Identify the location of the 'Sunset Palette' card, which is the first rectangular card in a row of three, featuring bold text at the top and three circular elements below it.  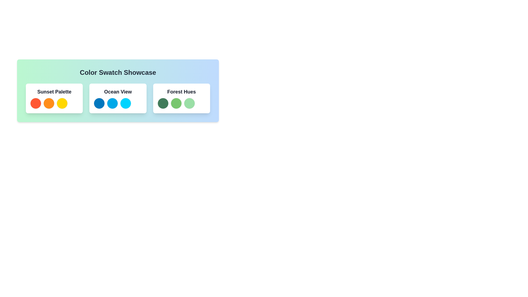
(54, 98).